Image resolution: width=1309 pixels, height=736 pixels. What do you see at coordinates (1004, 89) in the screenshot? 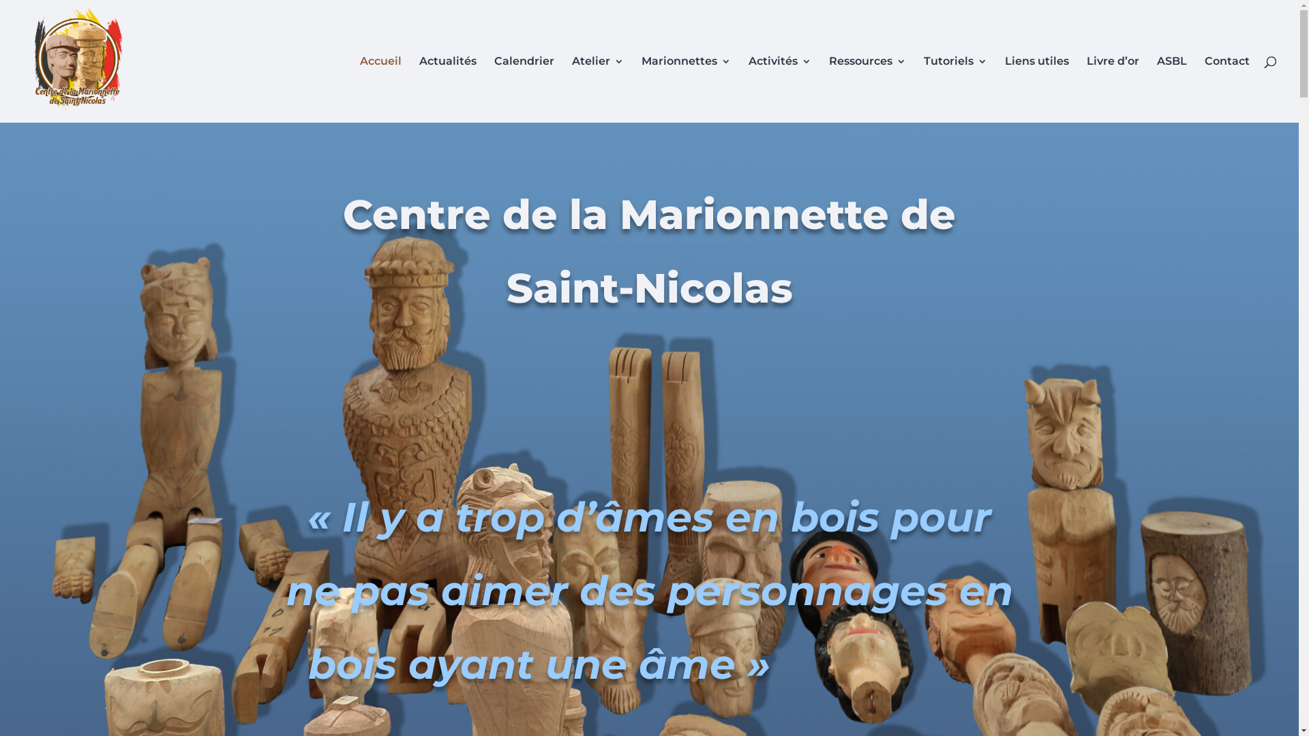
I see `'Liens utiles'` at bounding box center [1004, 89].